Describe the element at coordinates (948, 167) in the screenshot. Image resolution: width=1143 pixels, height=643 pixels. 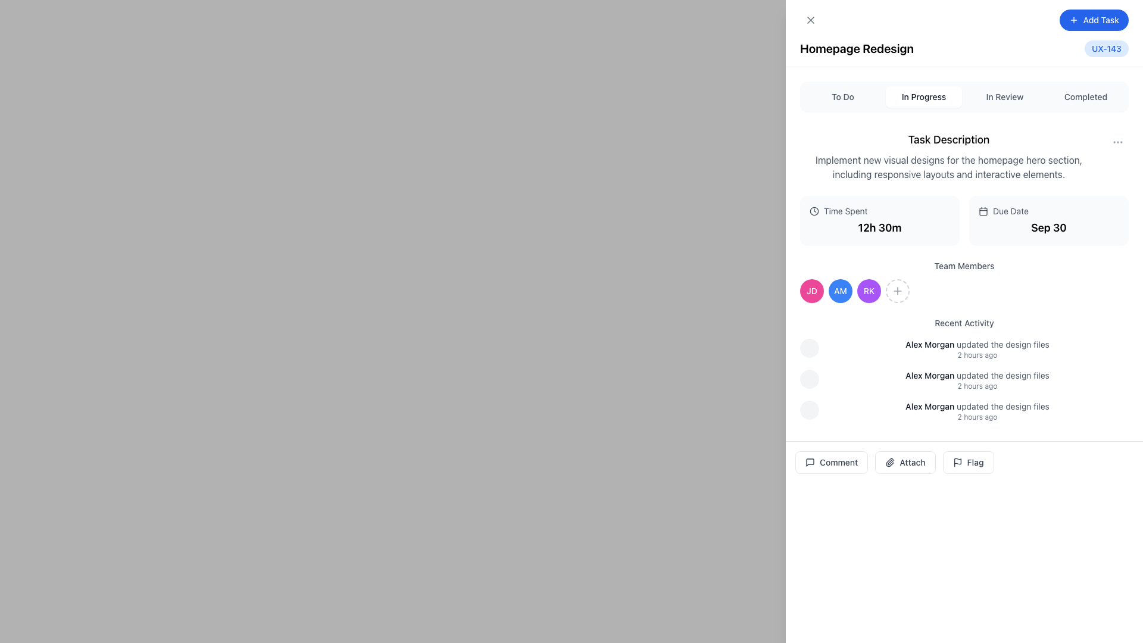
I see `the text label displaying 'Implement new visual designs for the homepage hero section, including responsive layouts and interactive elements.' located beneath the heading 'Task Description'` at that location.